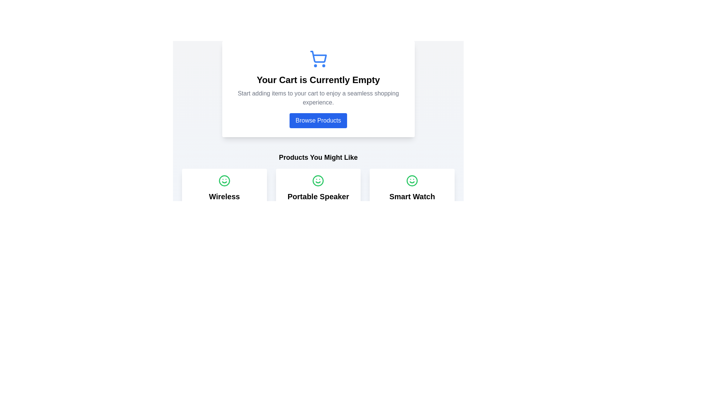 The height and width of the screenshot is (406, 722). Describe the element at coordinates (318, 157) in the screenshot. I see `the heading text element that introduces the section for recommended products` at that location.